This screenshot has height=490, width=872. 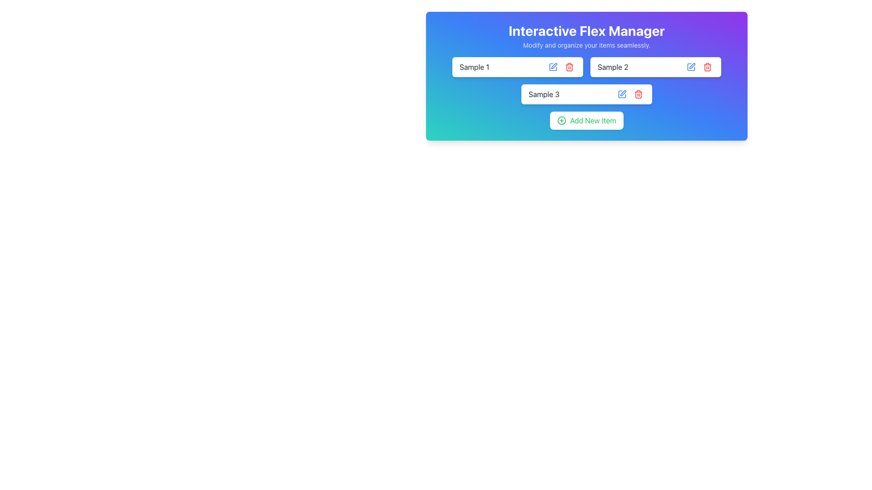 What do you see at coordinates (638, 94) in the screenshot?
I see `the delete icon, which is the third and final icon in the horizontal group of interactive icons, to initiate the deletion process of 'Sample 3'` at bounding box center [638, 94].